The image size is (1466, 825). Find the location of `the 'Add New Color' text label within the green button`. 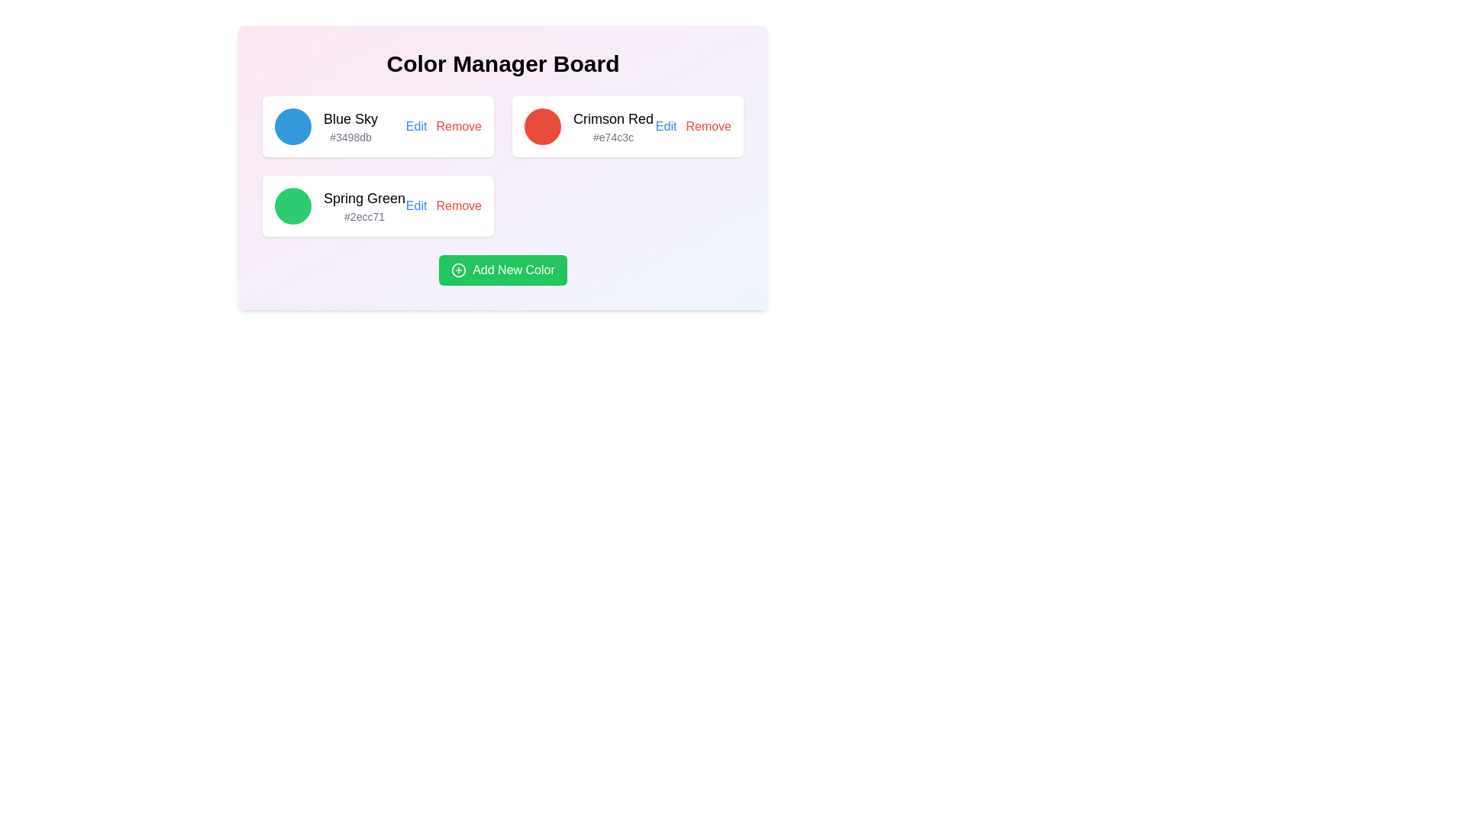

the 'Add New Color' text label within the green button is located at coordinates (513, 270).